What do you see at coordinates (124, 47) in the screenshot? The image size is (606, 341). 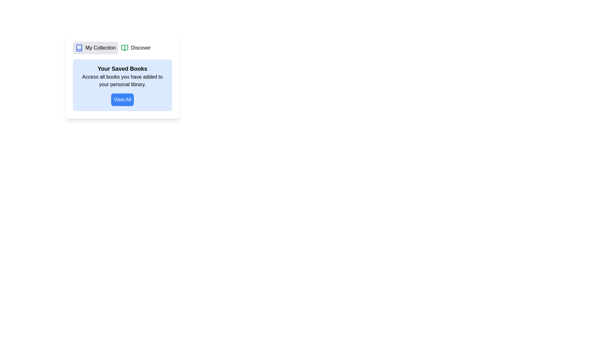 I see `the tab icon for Discover` at bounding box center [124, 47].